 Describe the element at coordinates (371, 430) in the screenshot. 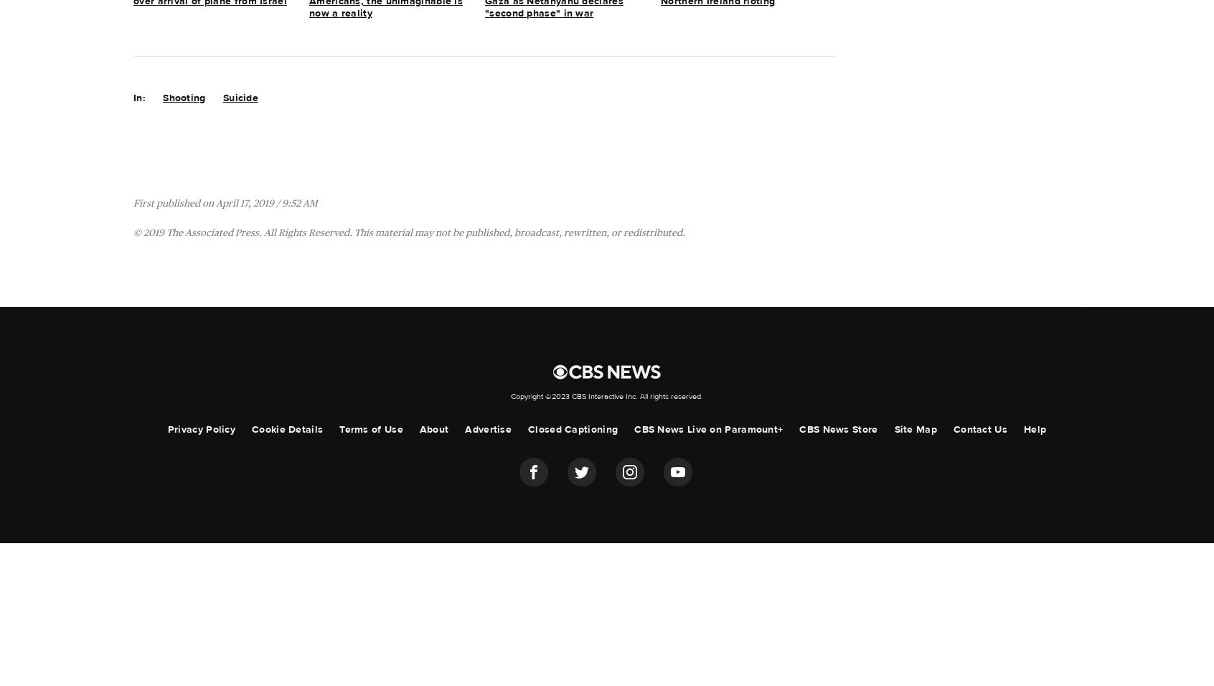

I see `'Terms of Use'` at that location.